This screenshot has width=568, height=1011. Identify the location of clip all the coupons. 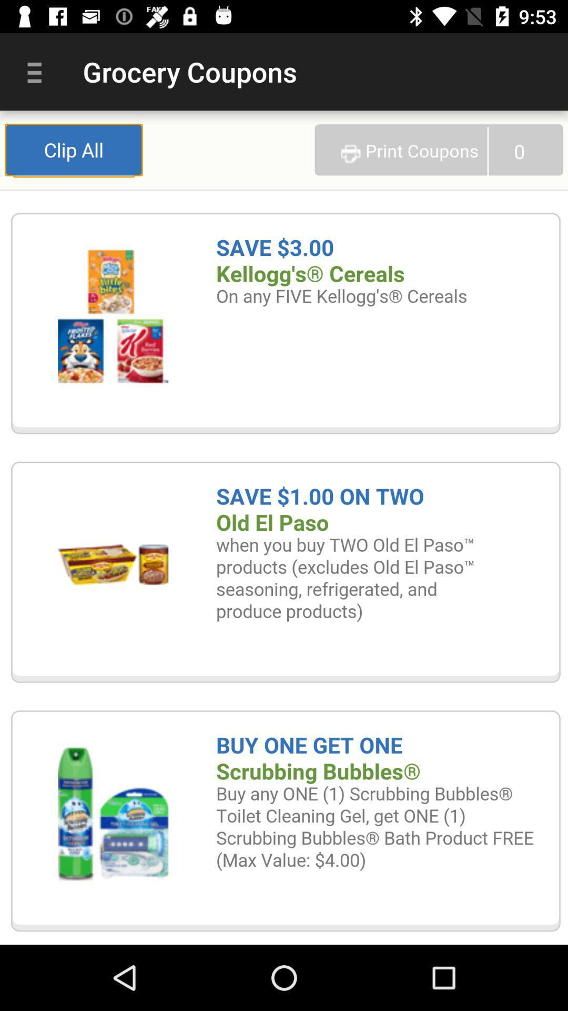
(284, 528).